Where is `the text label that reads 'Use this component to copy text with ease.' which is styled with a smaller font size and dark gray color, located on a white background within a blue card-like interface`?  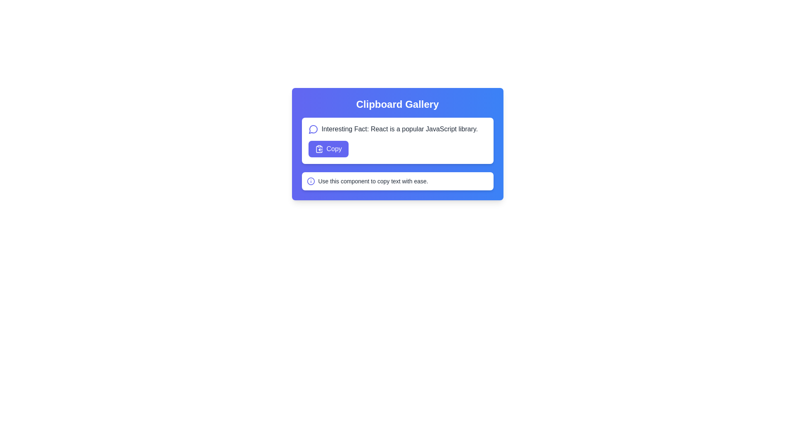
the text label that reads 'Use this component to copy text with ease.' which is styled with a smaller font size and dark gray color, located on a white background within a blue card-like interface is located at coordinates (373, 181).